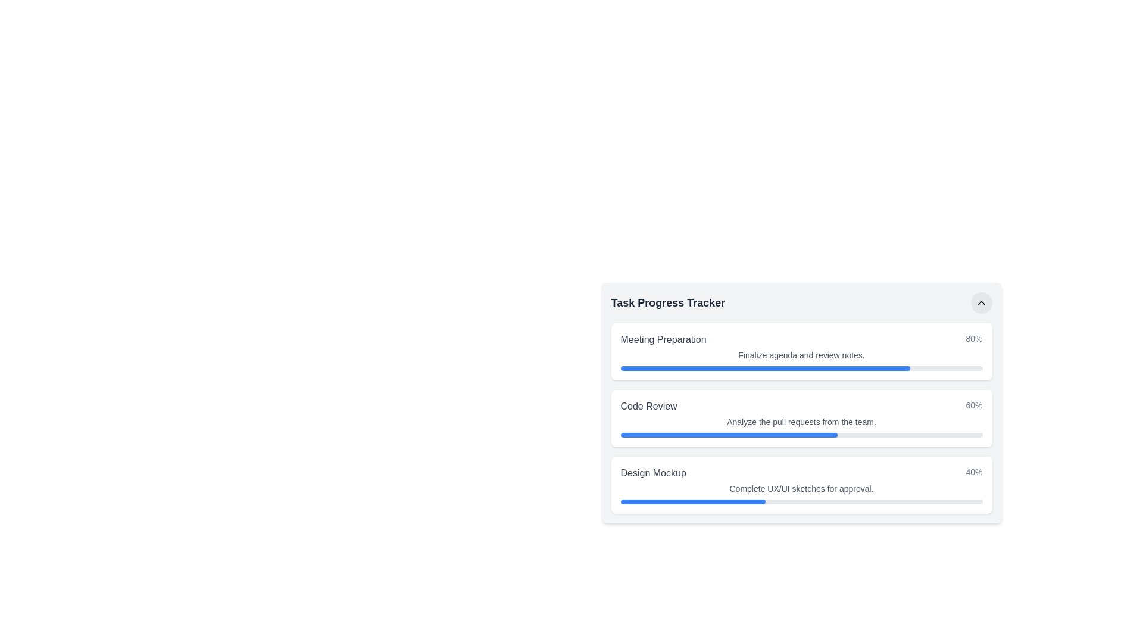 The width and height of the screenshot is (1143, 643). I want to click on the label displaying the text 'Complete UX/UI sketches for approval.' located below the header 'Design Mockup' in the progress tracker interface, so click(801, 489).